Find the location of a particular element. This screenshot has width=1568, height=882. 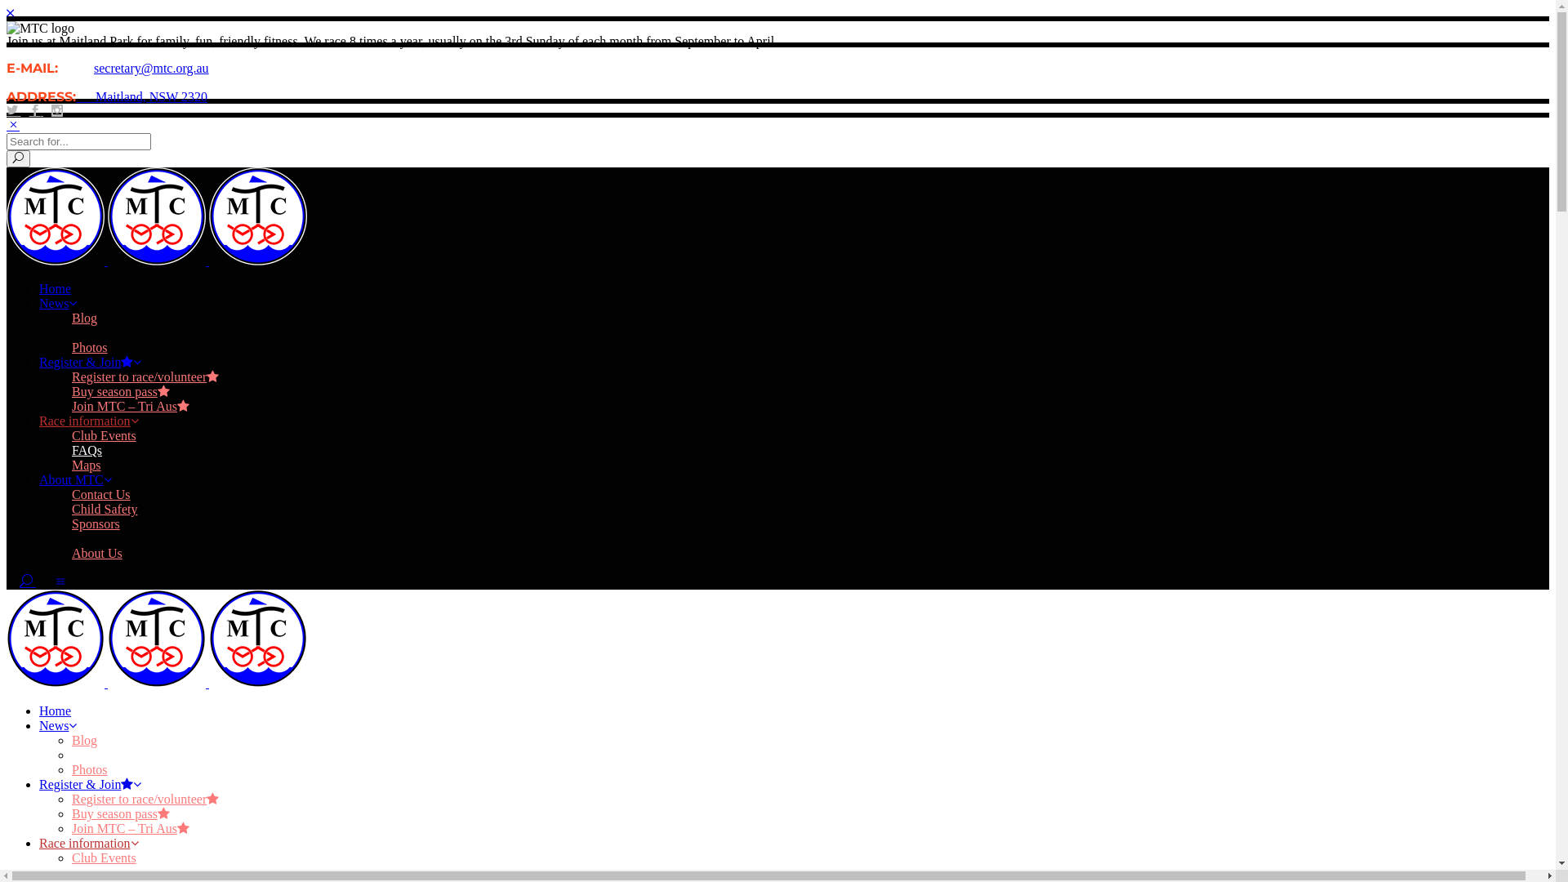

'About MTC' is located at coordinates (74, 479).